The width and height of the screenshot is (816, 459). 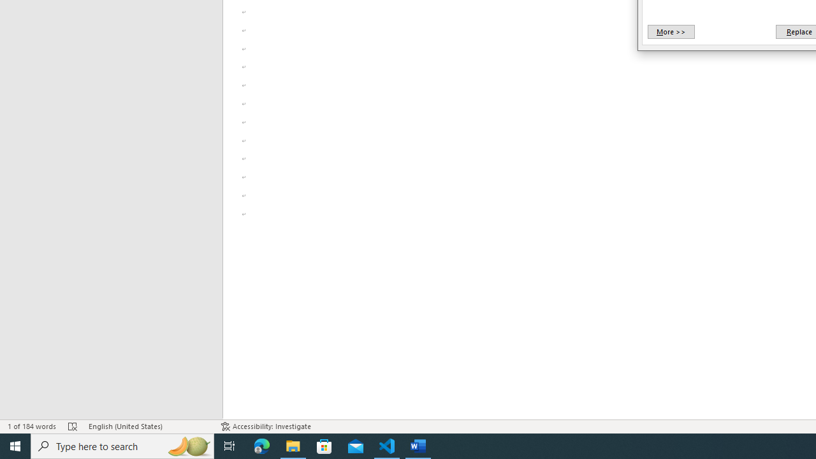 What do you see at coordinates (15, 445) in the screenshot?
I see `'Start'` at bounding box center [15, 445].